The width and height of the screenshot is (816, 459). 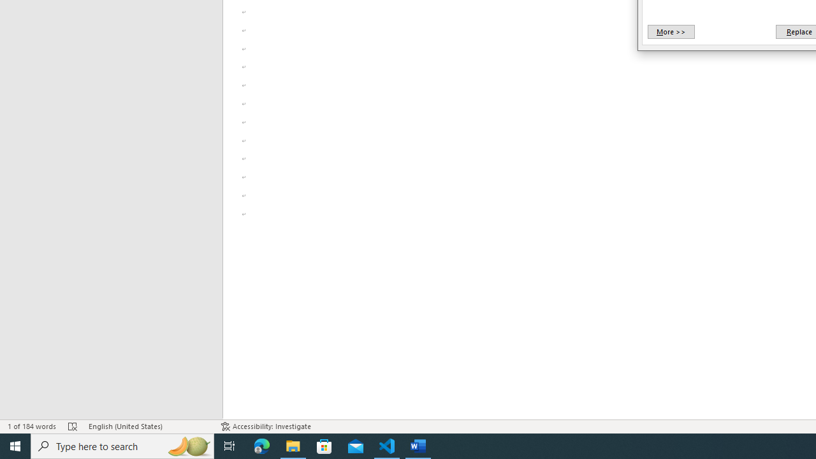 What do you see at coordinates (15, 445) in the screenshot?
I see `'Start'` at bounding box center [15, 445].